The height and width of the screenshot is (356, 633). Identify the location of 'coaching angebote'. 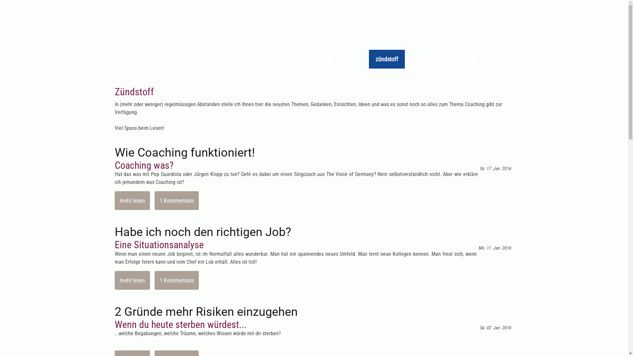
(201, 59).